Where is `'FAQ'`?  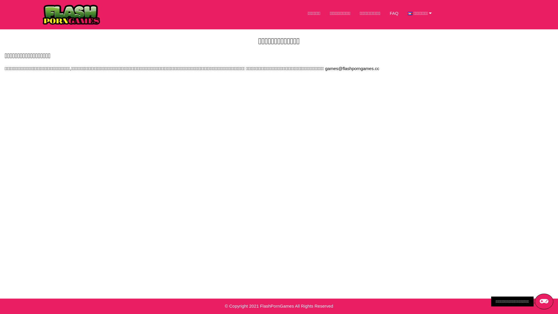
'FAQ' is located at coordinates (394, 13).